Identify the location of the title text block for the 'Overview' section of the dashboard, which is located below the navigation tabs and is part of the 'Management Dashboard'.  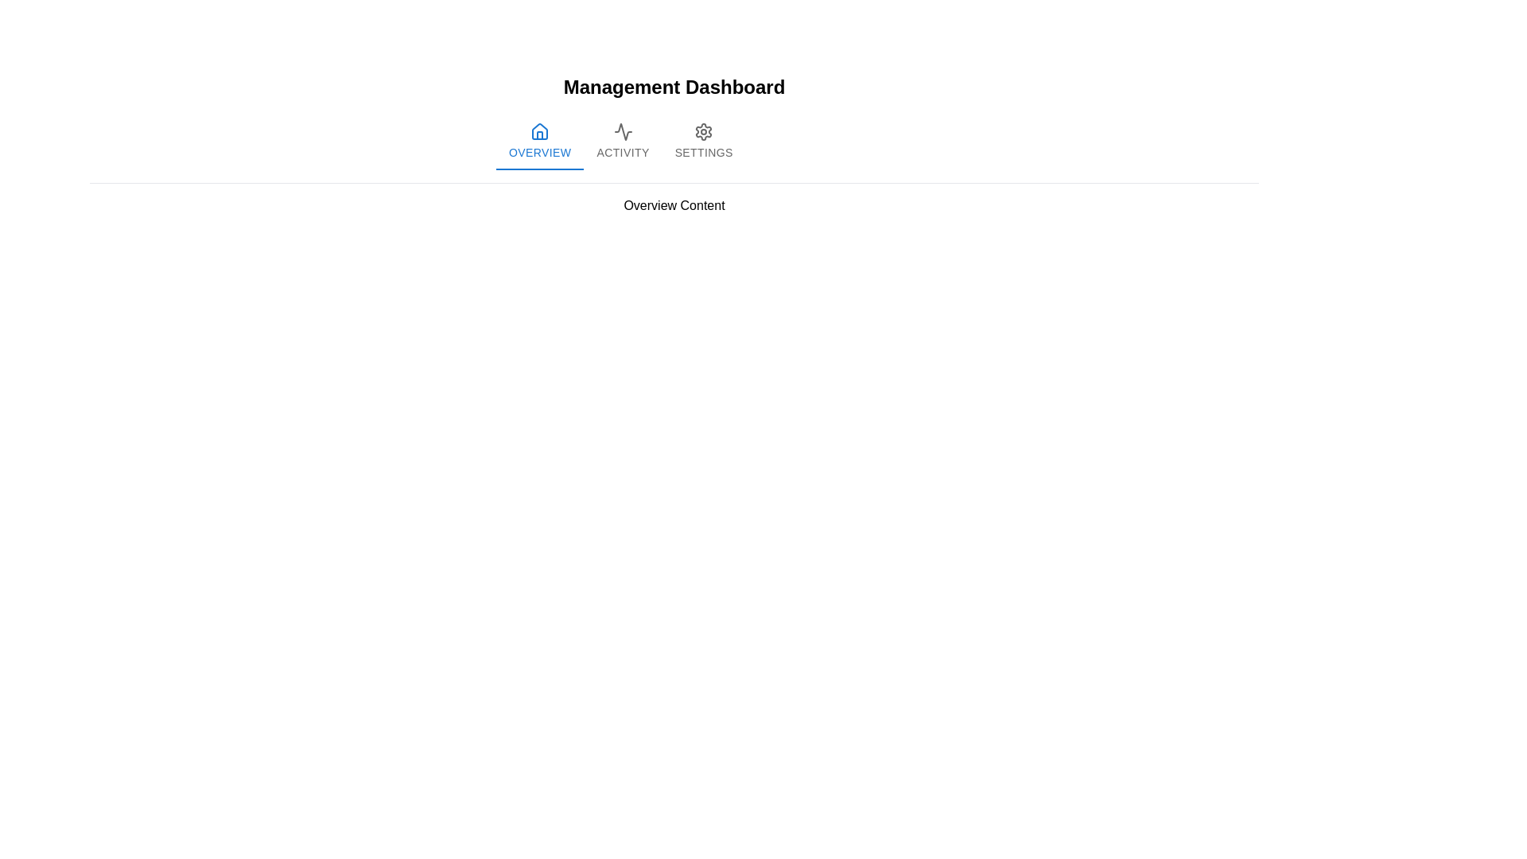
(674, 198).